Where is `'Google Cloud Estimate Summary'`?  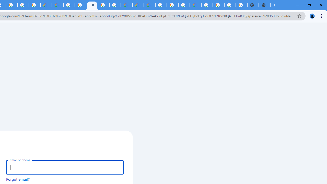 'Google Cloud Estimate Summary' is located at coordinates (149, 5).